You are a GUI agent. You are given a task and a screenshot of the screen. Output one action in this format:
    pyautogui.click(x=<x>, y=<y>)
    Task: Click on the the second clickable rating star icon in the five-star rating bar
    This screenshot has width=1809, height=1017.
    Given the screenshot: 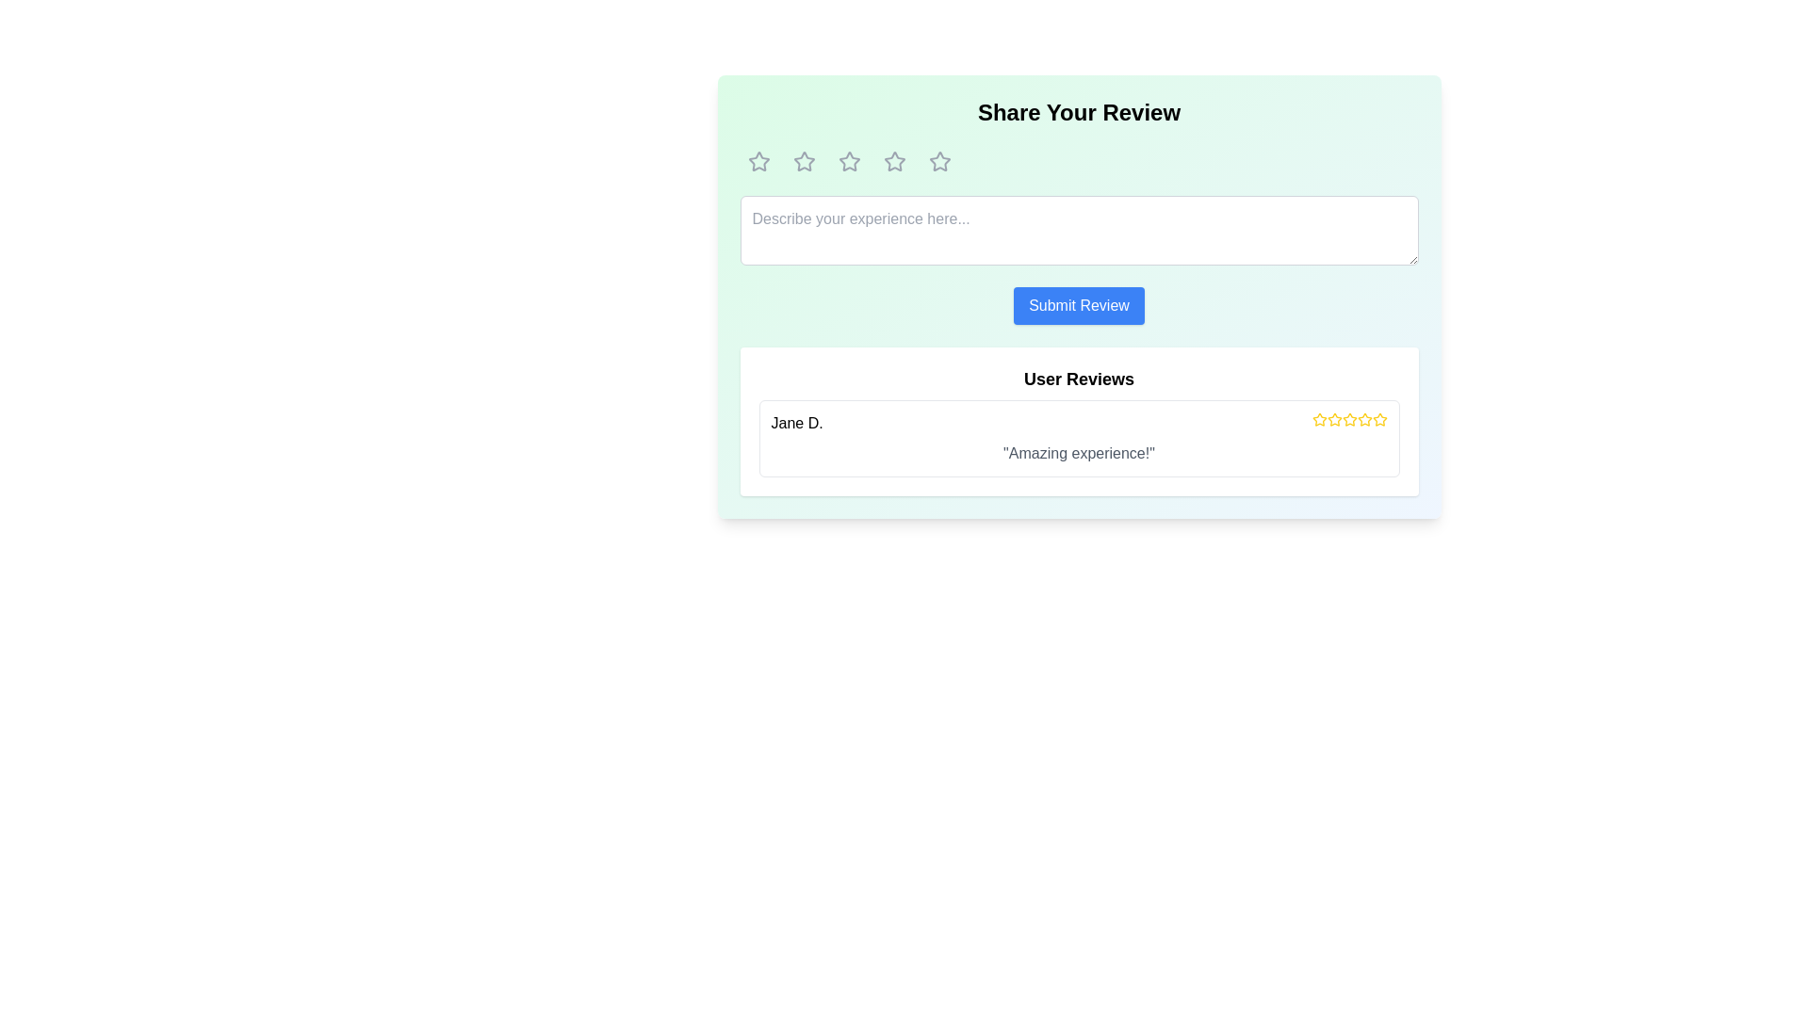 What is the action you would take?
    pyautogui.click(x=804, y=161)
    